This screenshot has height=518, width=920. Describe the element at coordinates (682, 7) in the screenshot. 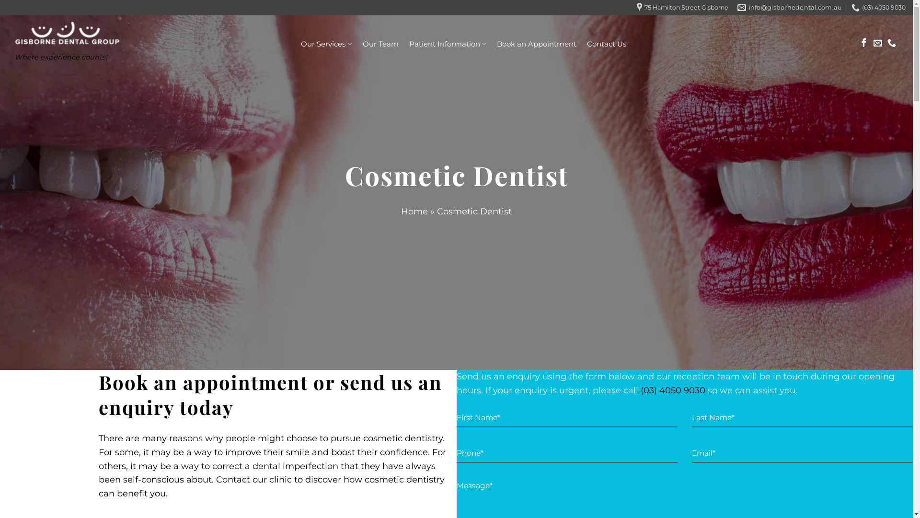

I see `'75 Hamilton Street Gisborne'` at that location.